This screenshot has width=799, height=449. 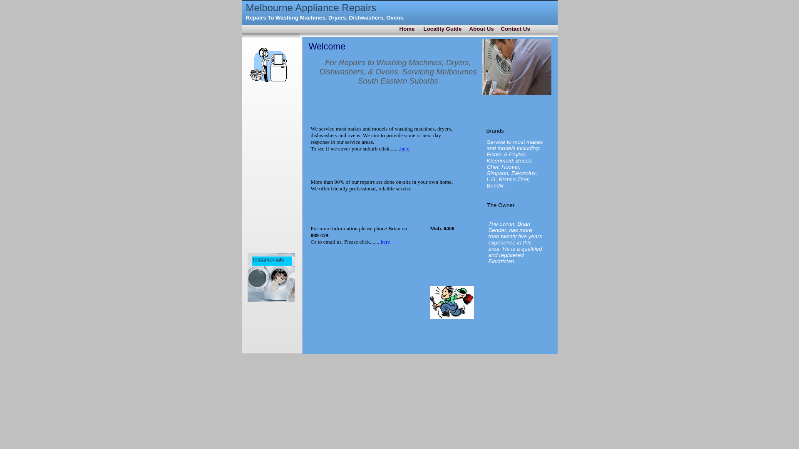 What do you see at coordinates (380, 241) in the screenshot?
I see `'here'` at bounding box center [380, 241].